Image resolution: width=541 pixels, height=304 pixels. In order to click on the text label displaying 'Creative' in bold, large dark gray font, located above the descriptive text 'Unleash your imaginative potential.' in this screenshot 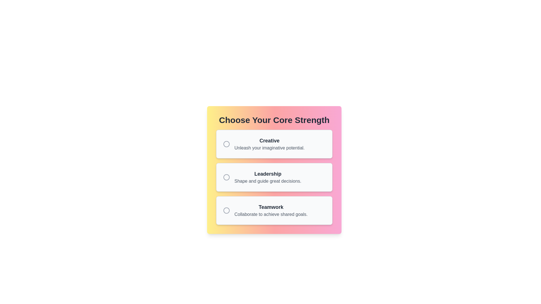, I will do `click(269, 140)`.